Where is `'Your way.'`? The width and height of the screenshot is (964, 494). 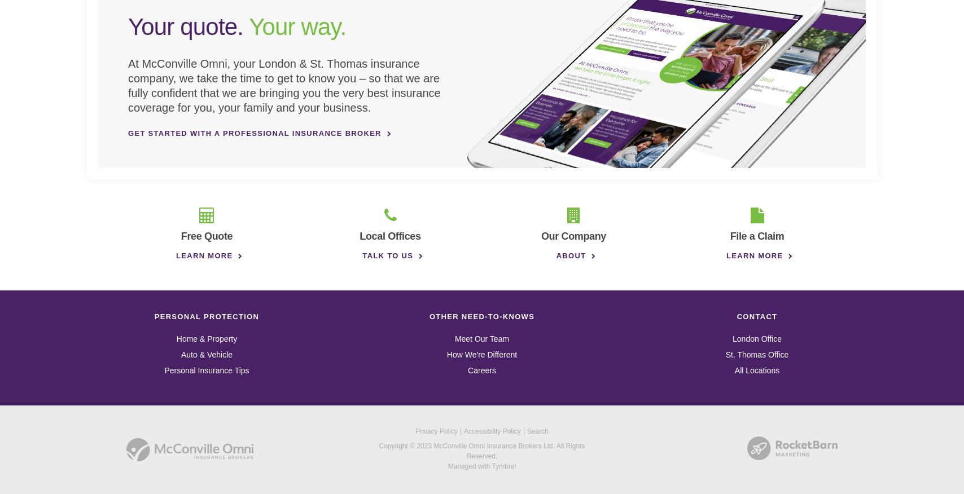 'Your way.' is located at coordinates (297, 25).